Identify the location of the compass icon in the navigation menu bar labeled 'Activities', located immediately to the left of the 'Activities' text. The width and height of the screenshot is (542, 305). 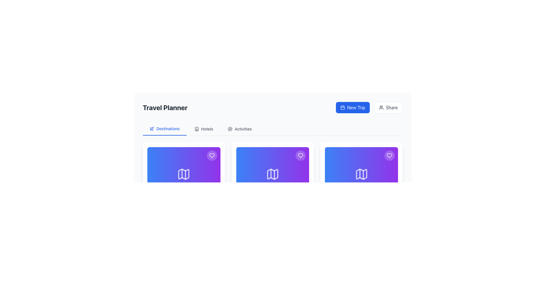
(230, 129).